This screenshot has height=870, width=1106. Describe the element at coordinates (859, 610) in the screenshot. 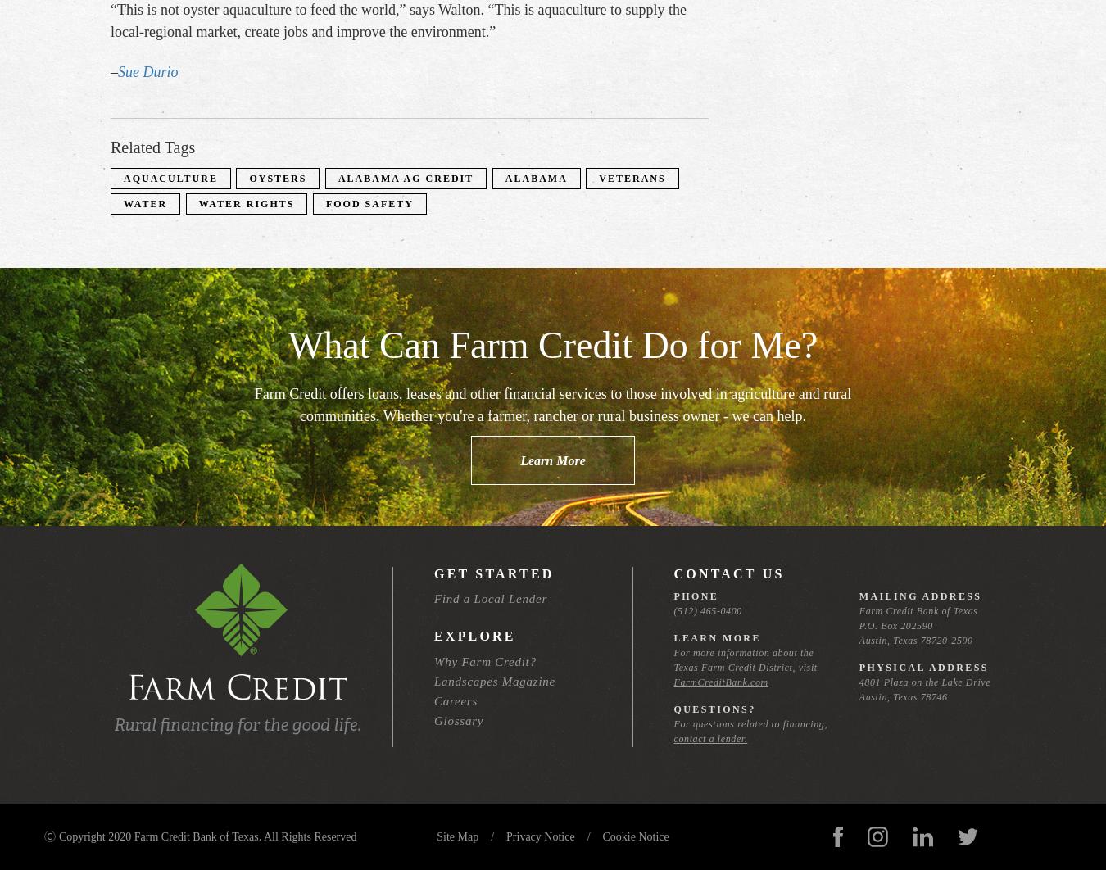

I see `'Farm Credit Bank of Texas'` at that location.